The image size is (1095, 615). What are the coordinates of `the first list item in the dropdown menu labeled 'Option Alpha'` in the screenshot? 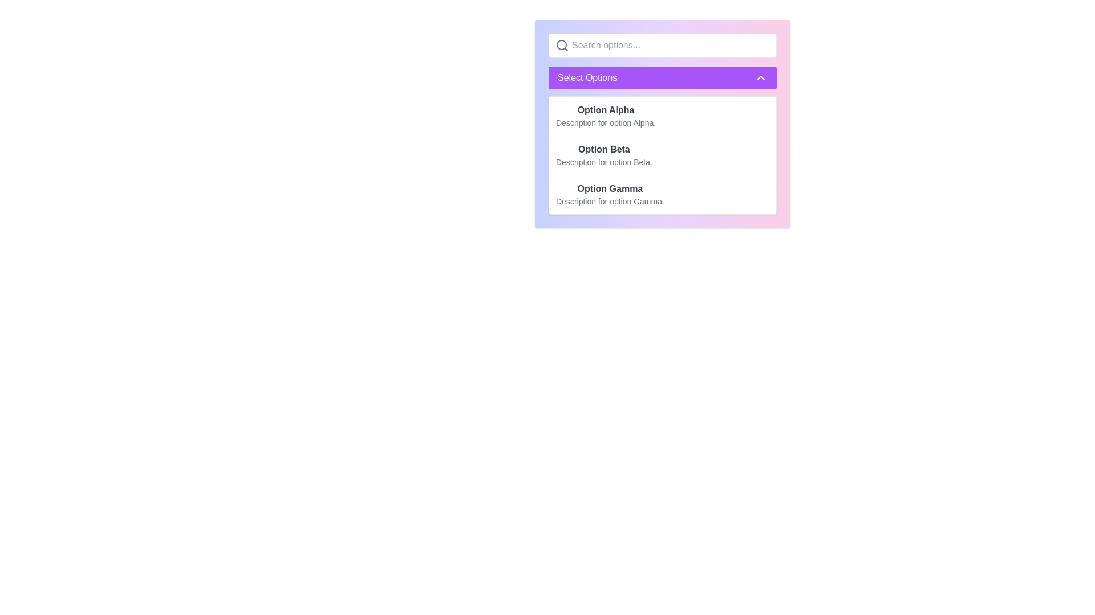 It's located at (662, 116).